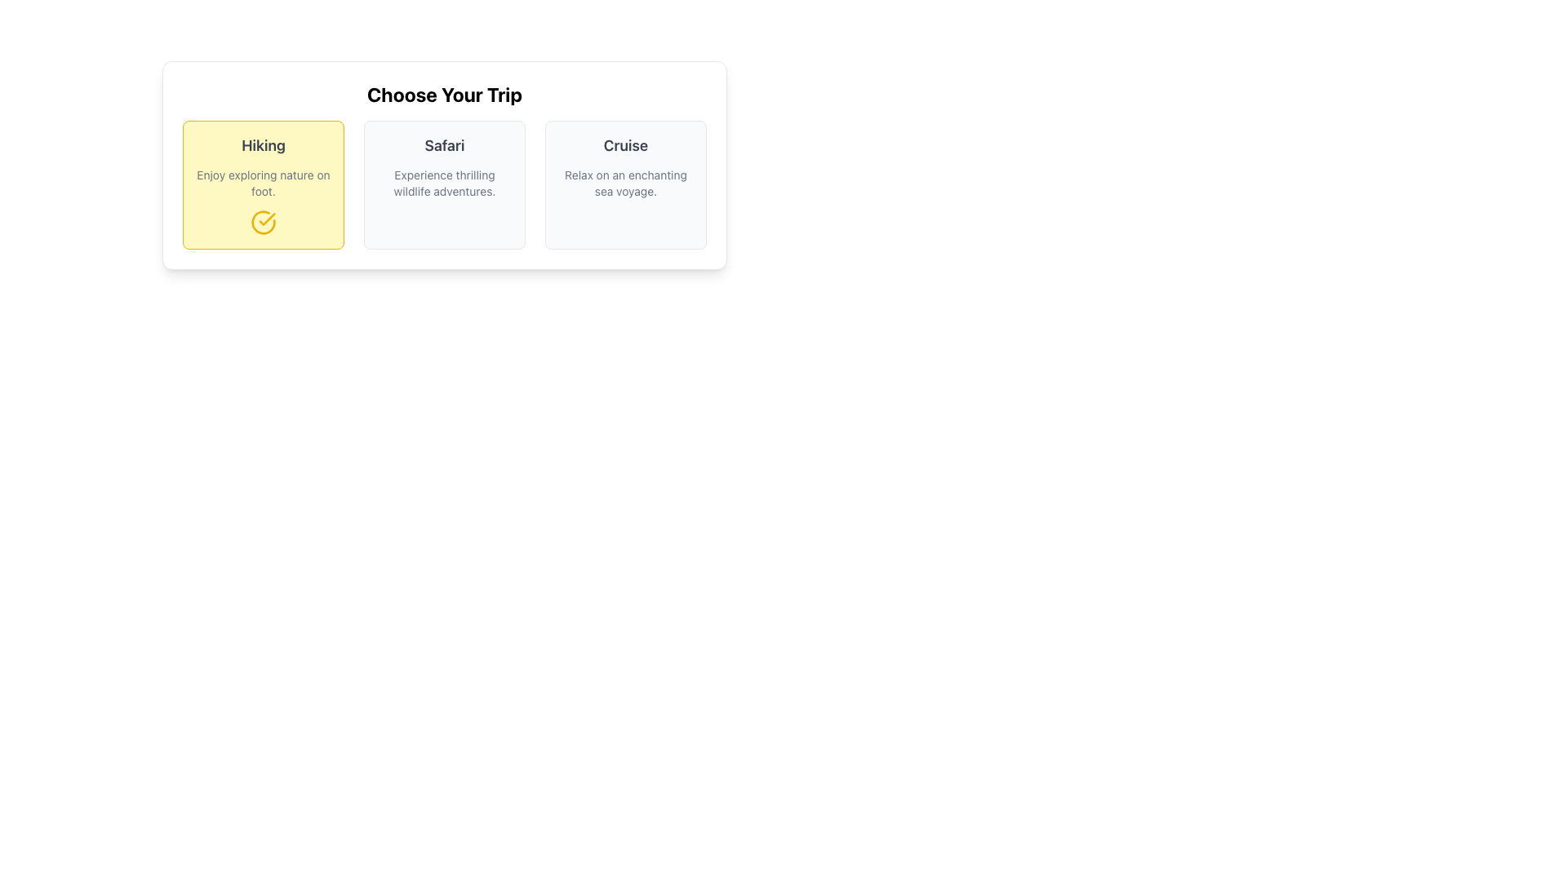  What do you see at coordinates (445, 184) in the screenshot?
I see `the 'Safari' card, which has a light gray background and contains the title 'Safari' in bold text` at bounding box center [445, 184].